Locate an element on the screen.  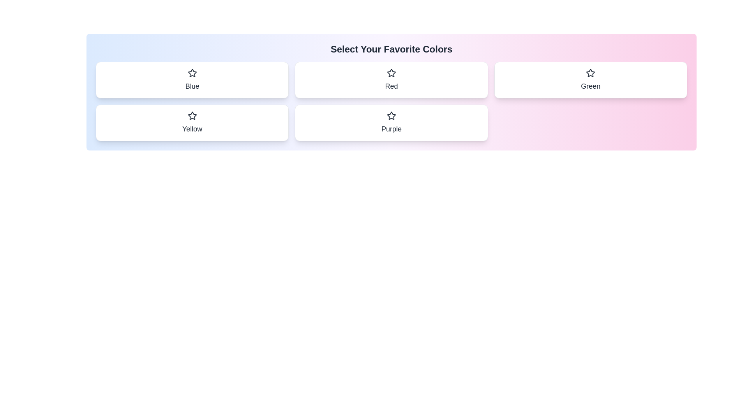
the color chip Blue is located at coordinates (192, 80).